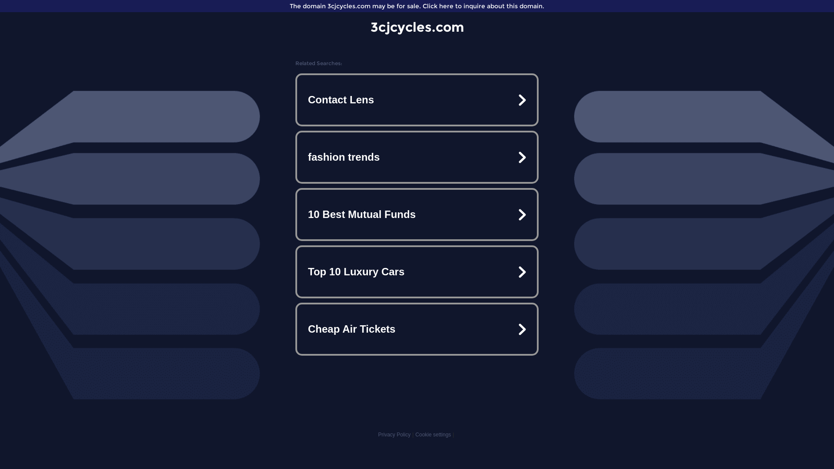  I want to click on 'Contact Lens', so click(417, 99).